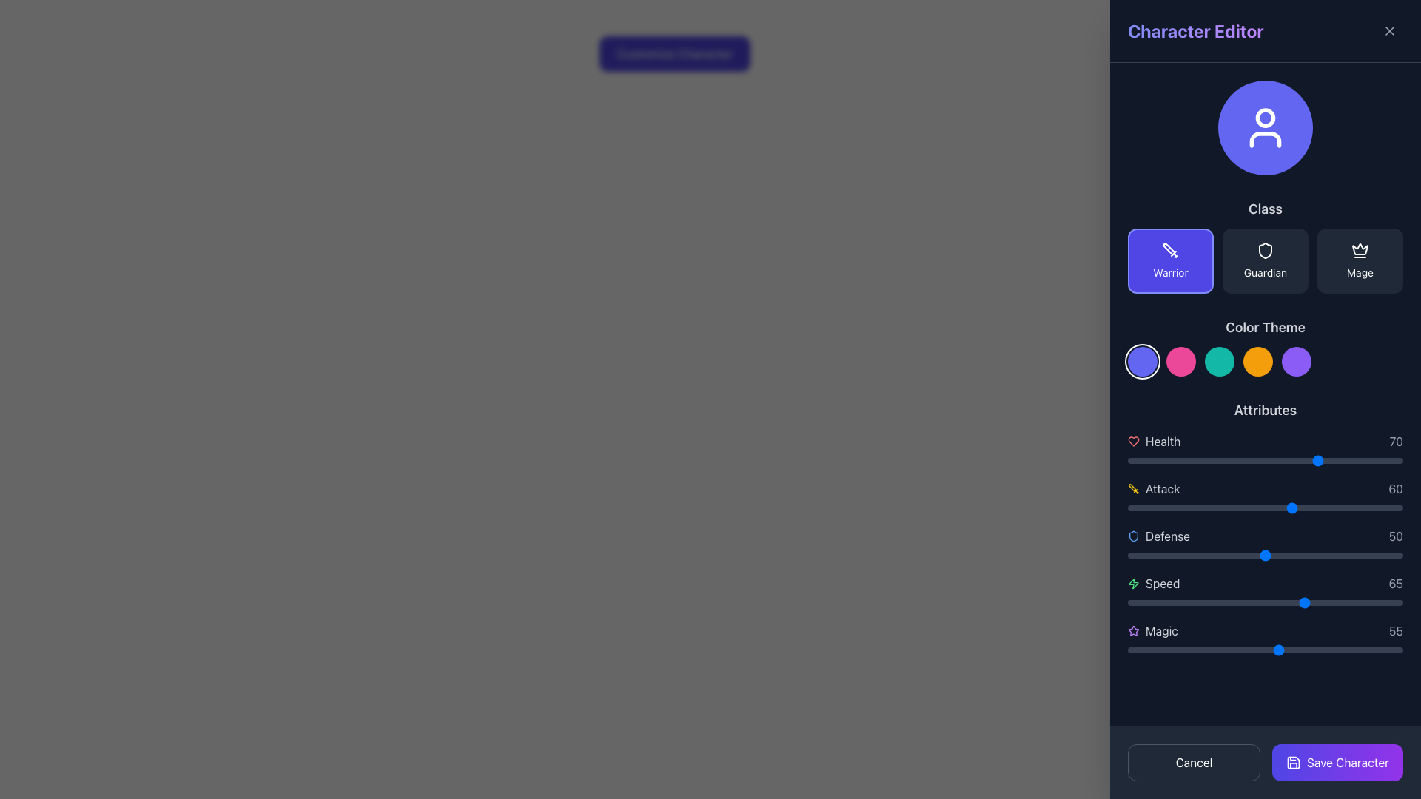 The image size is (1421, 799). Describe the element at coordinates (1395, 630) in the screenshot. I see `the static text label displaying the current value of the 'Magic' attribute, which is aligned horizontally with the star icon and located near the right-side end of the 'Magic' attribute row within the Attributes section` at that location.